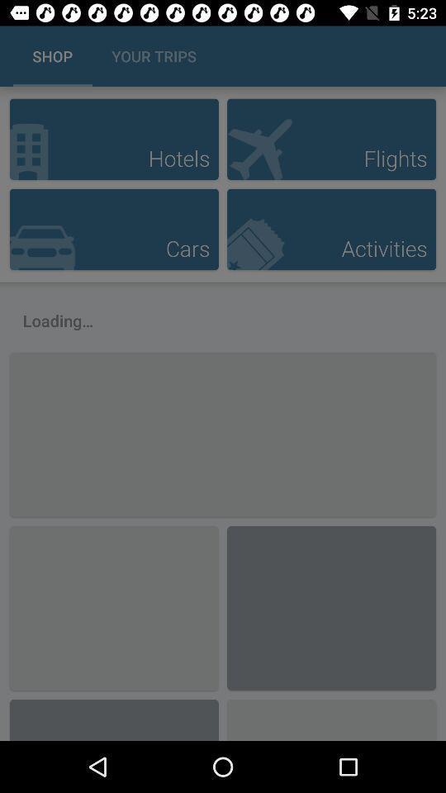 This screenshot has height=793, width=446. What do you see at coordinates (415, 56) in the screenshot?
I see `the icon to the right of your trips icon` at bounding box center [415, 56].